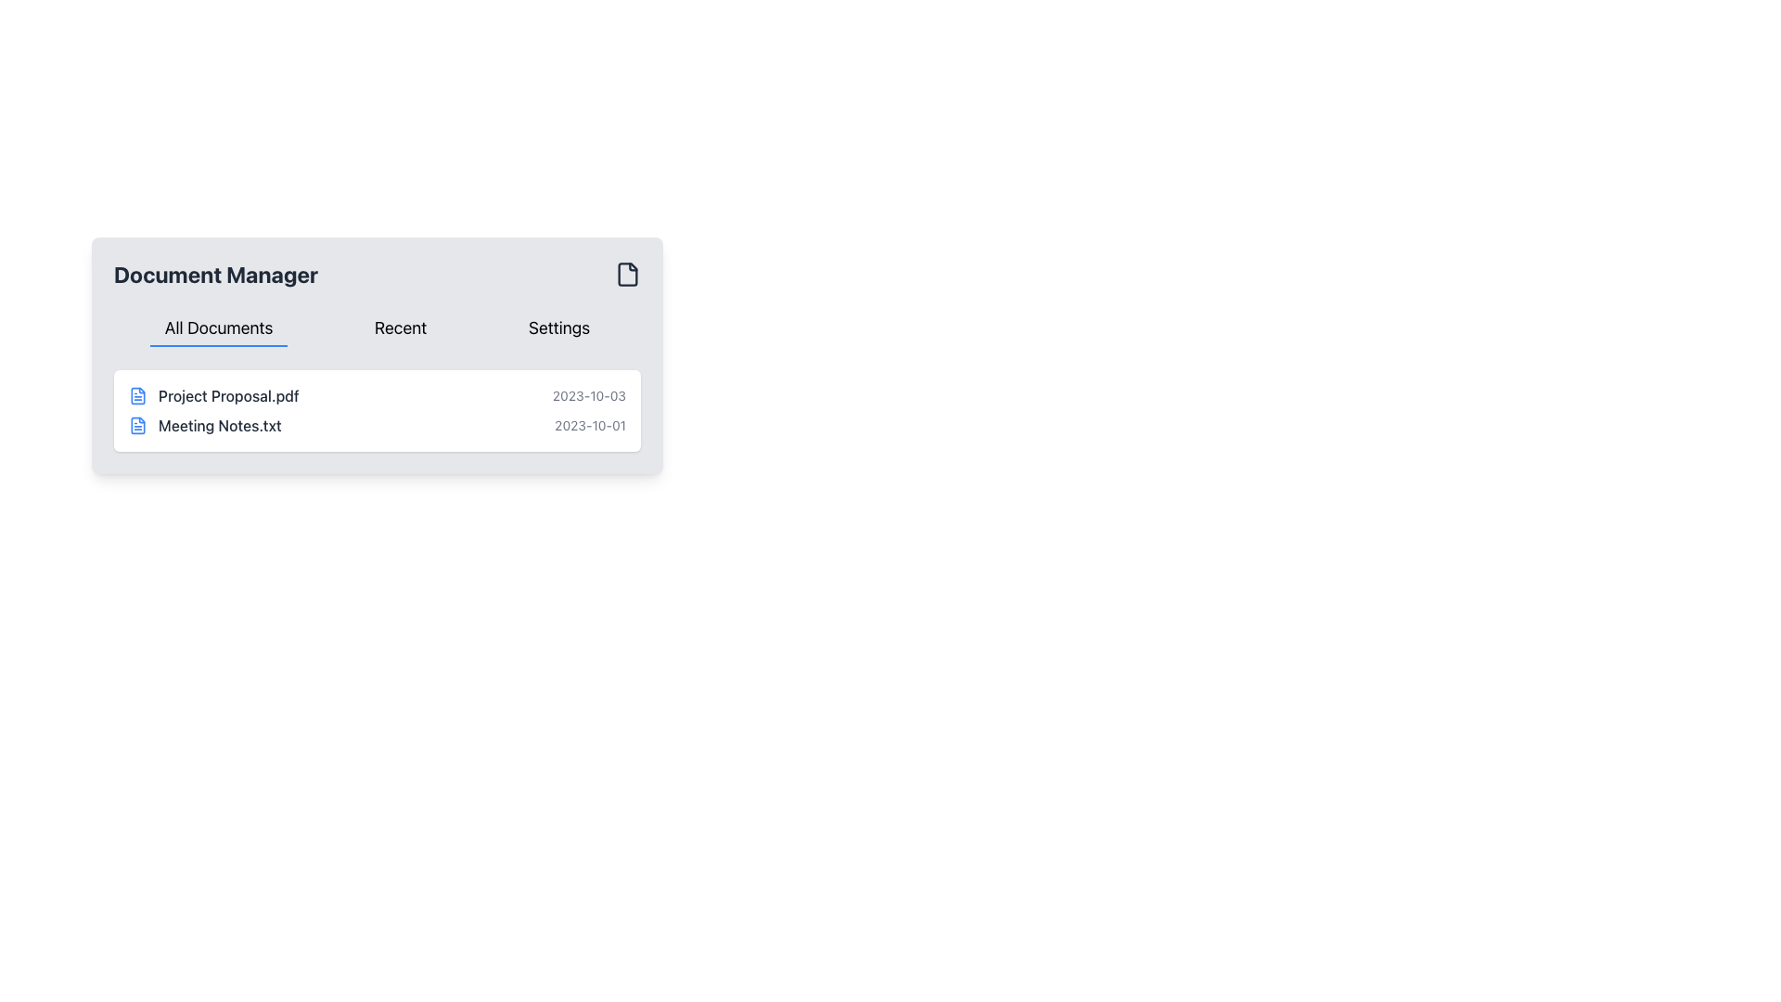 The image size is (1781, 1002). I want to click on the selectable item in the document list representing the file 'Meeting Notes.txt' dated '2023-10-01', so click(377, 426).